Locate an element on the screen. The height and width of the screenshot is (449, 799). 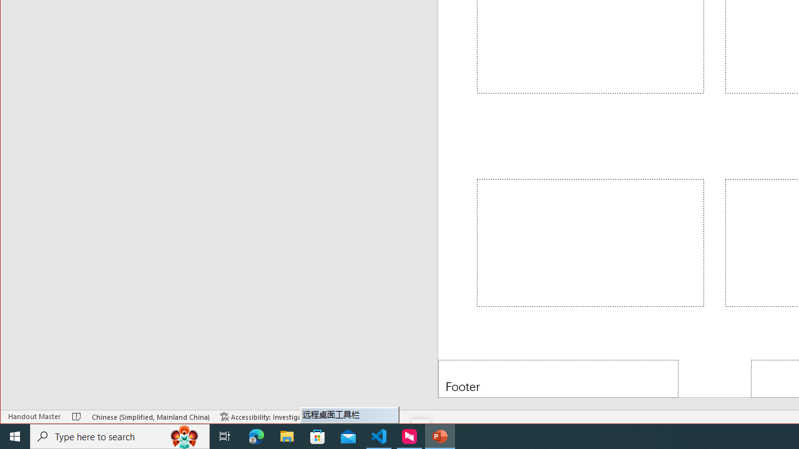
'File Explorer' is located at coordinates (287, 435).